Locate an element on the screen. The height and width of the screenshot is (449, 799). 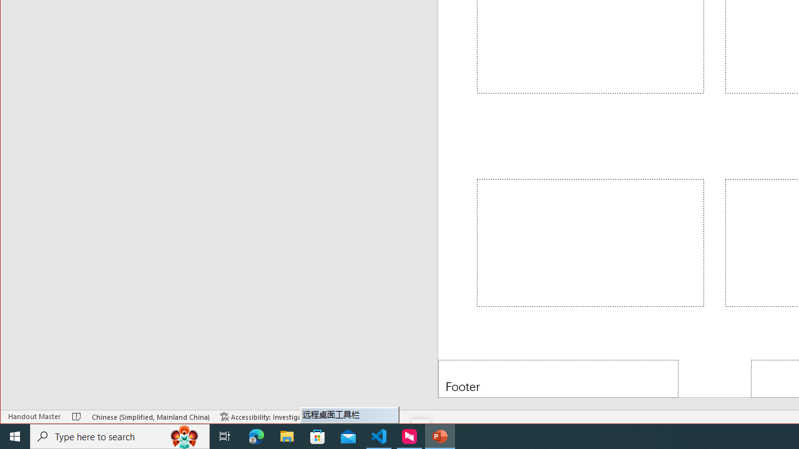
'File Explorer' is located at coordinates (287, 435).